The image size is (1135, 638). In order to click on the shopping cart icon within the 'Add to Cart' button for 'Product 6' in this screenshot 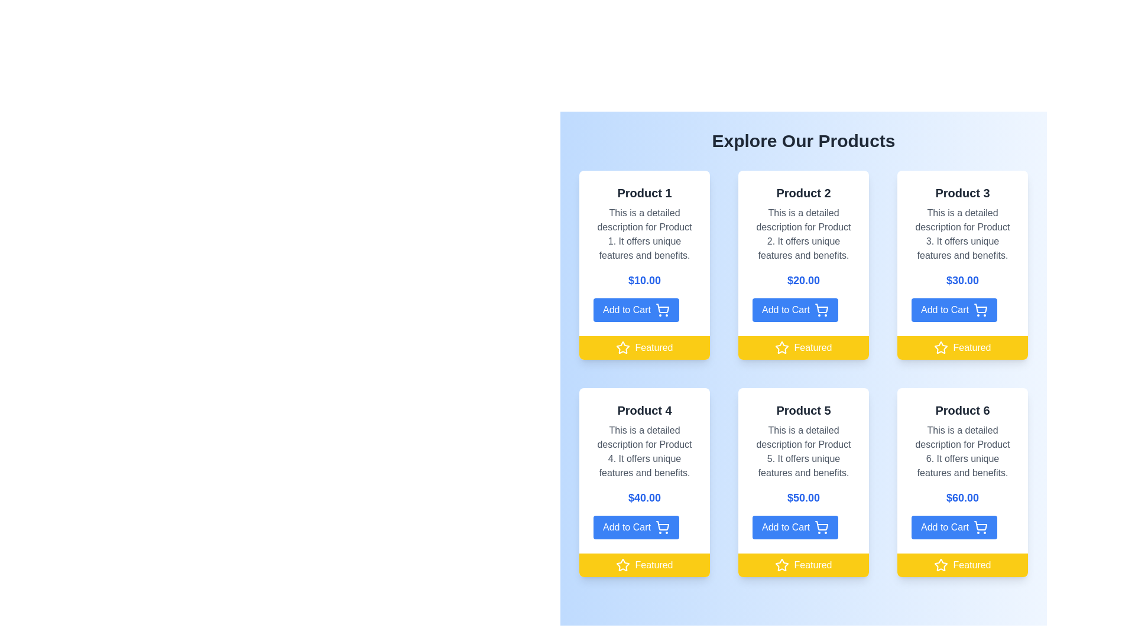, I will do `click(980, 527)`.